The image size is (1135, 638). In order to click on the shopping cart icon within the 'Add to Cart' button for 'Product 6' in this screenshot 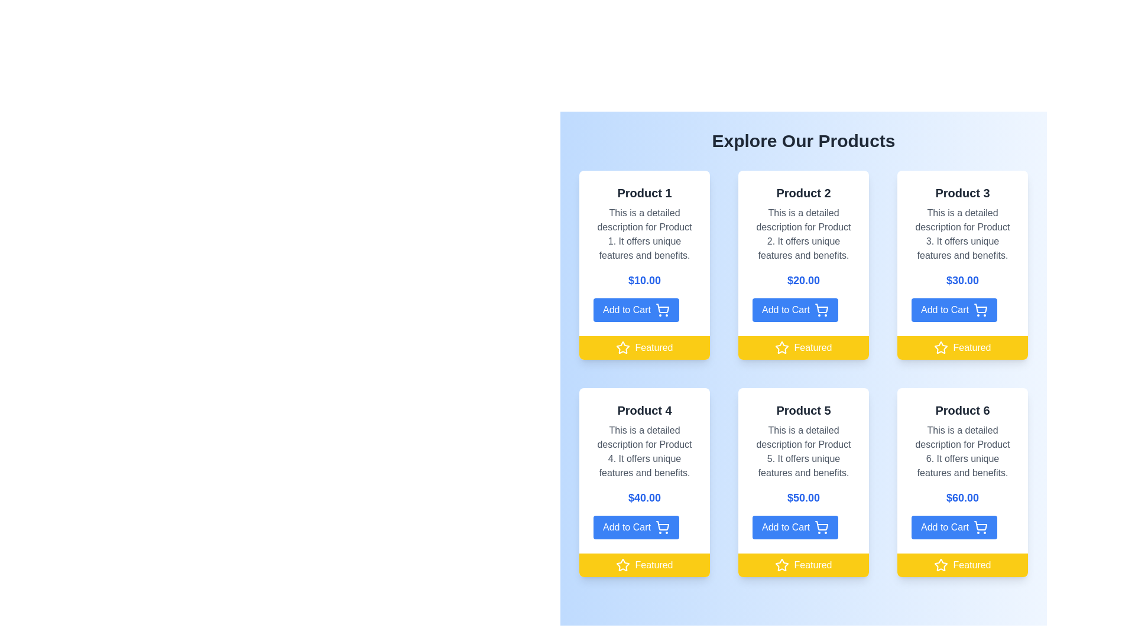, I will do `click(980, 527)`.